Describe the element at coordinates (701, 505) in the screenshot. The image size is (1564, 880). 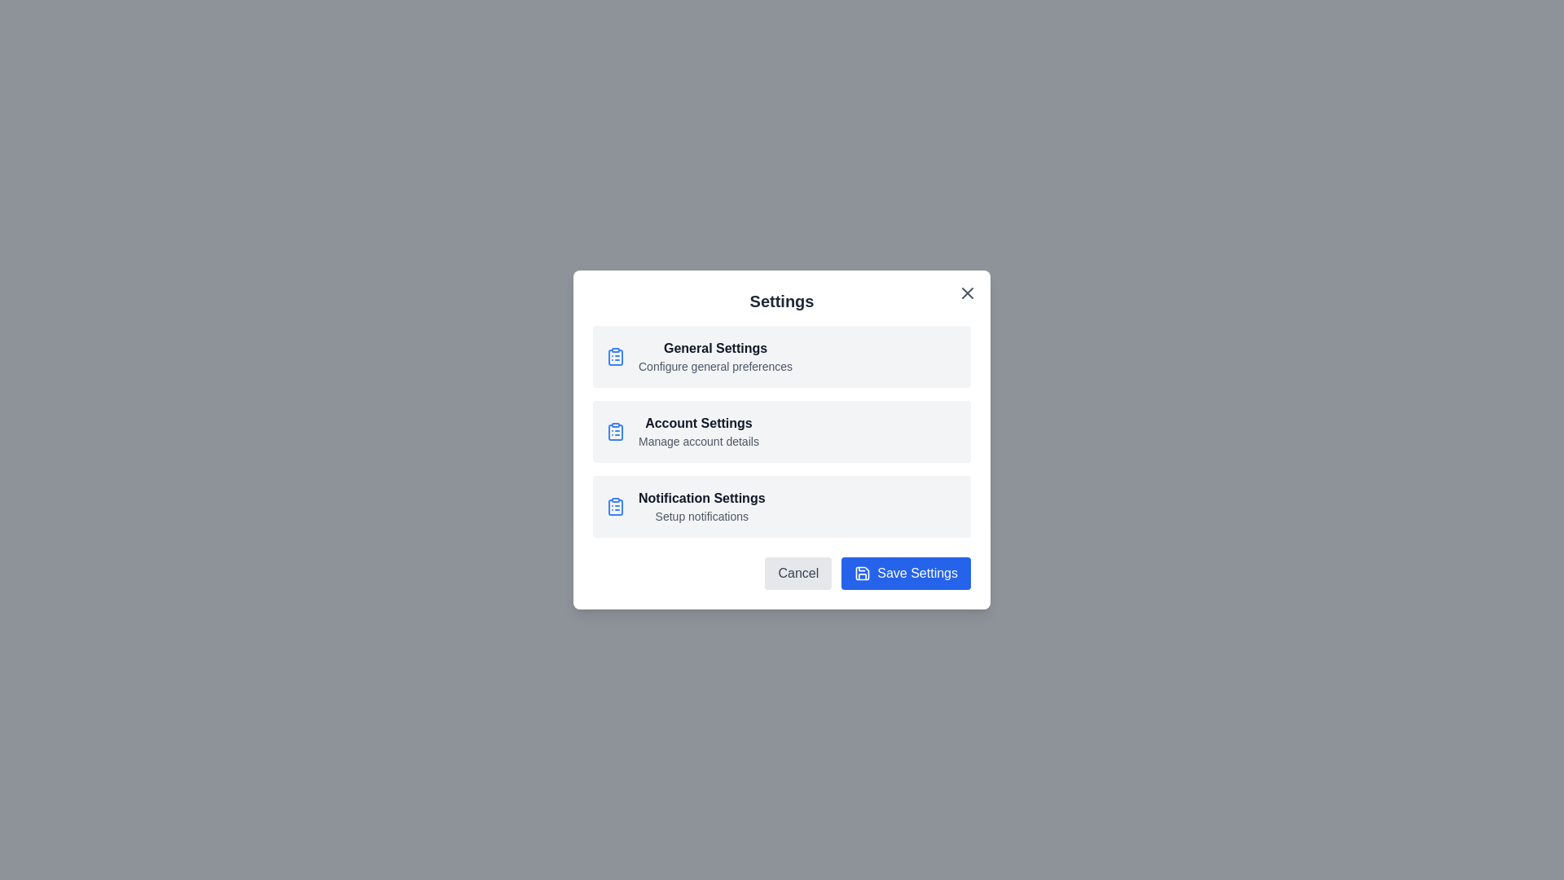
I see `the static text panel that describes the configuration section for notification settings, which is the third option in a vertical list of settings options` at that location.